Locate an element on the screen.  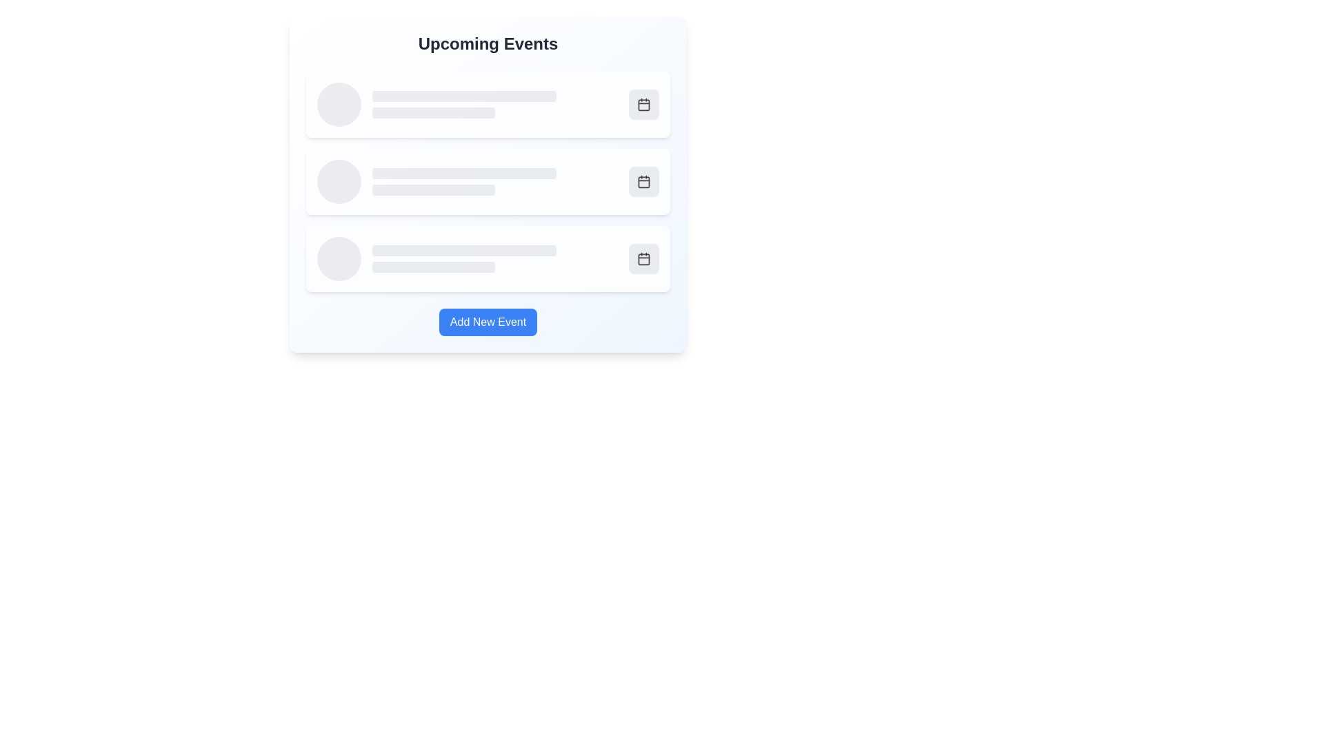
the circular profile picture placeholder located in the first position of the third row in the card layout is located at coordinates (339, 258).